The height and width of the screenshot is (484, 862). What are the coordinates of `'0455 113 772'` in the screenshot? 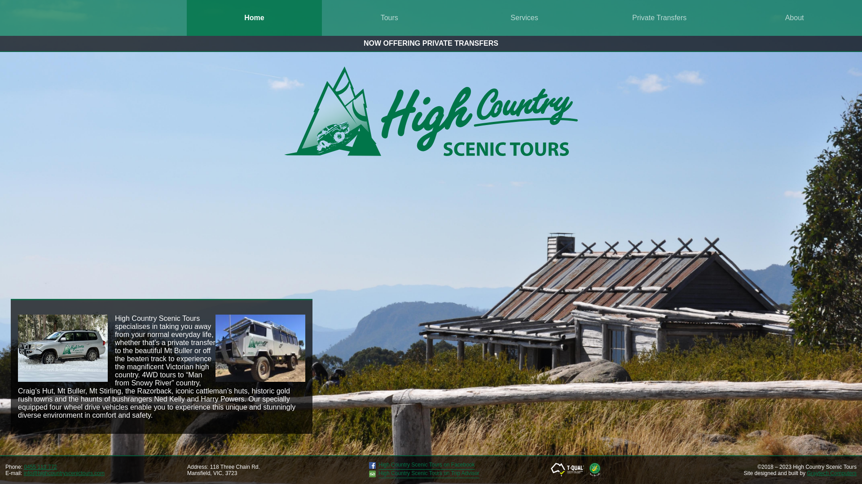 It's located at (40, 466).